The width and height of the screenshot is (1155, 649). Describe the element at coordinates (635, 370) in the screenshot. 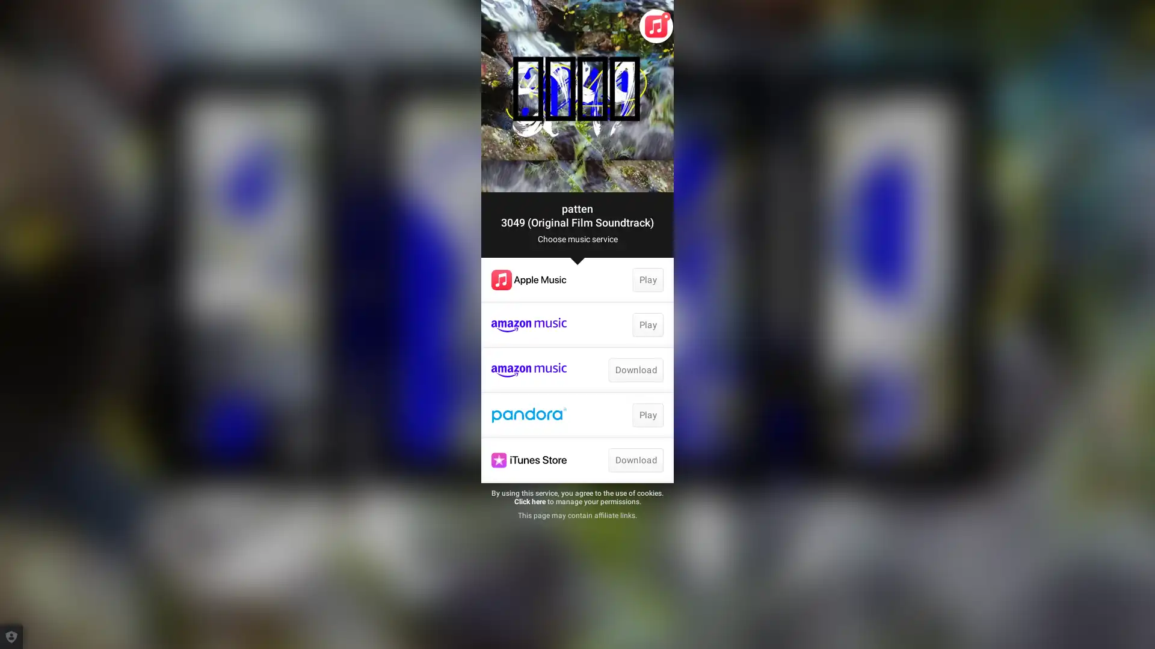

I see `Download` at that location.